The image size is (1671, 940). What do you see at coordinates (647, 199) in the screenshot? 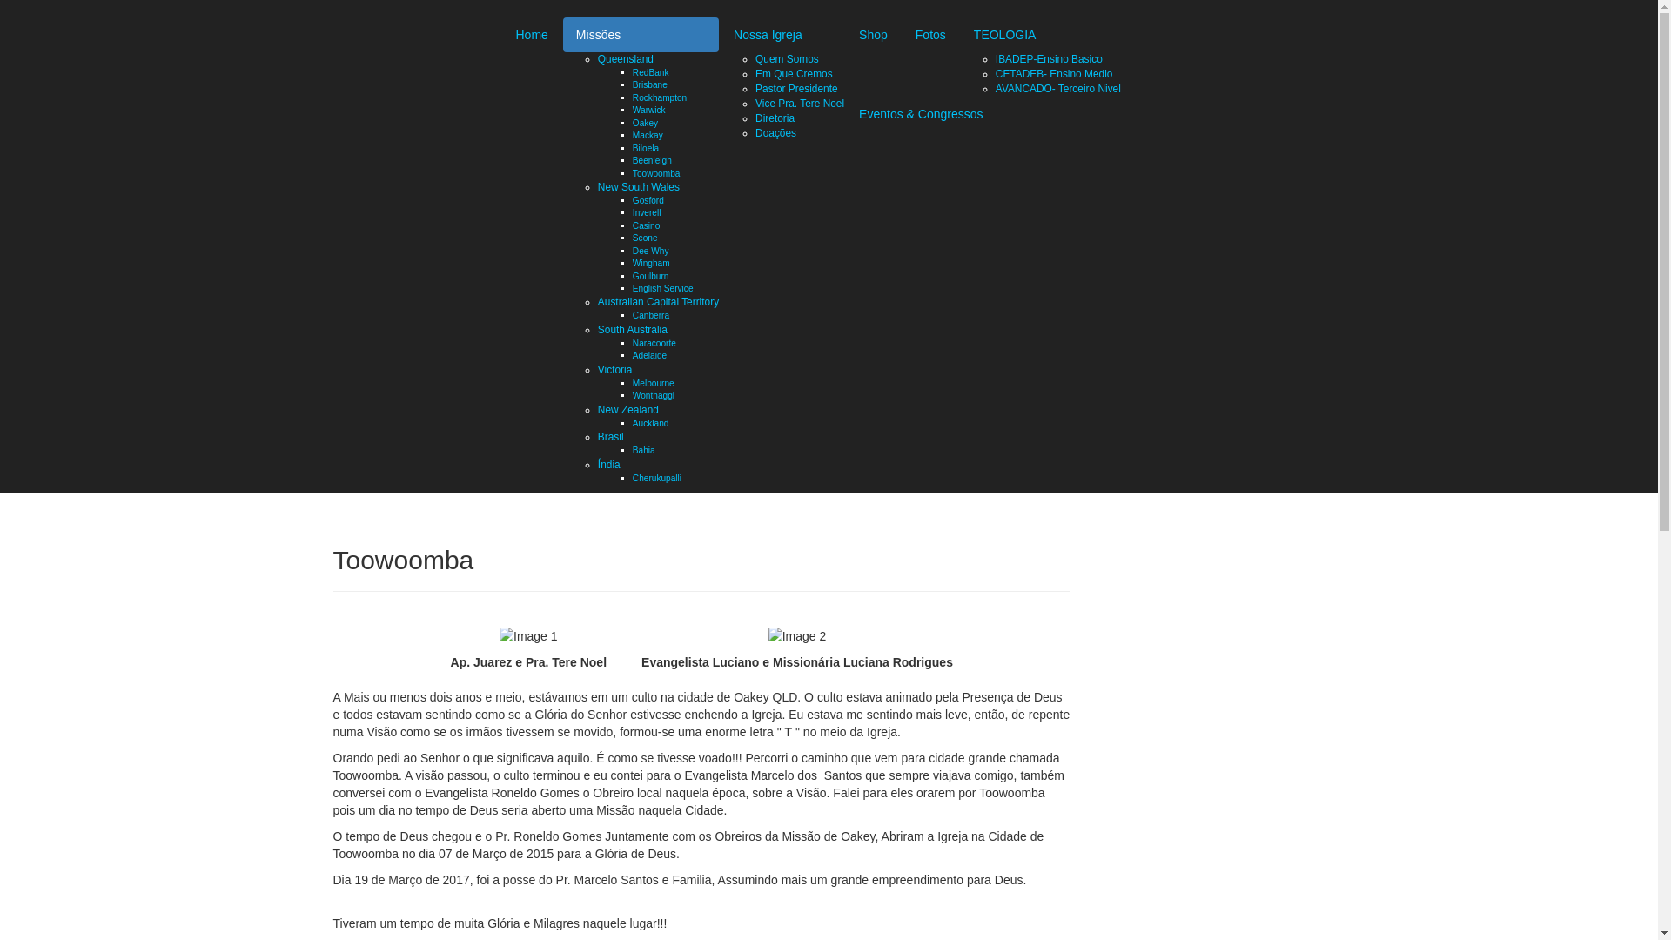
I see `'Gosford'` at bounding box center [647, 199].